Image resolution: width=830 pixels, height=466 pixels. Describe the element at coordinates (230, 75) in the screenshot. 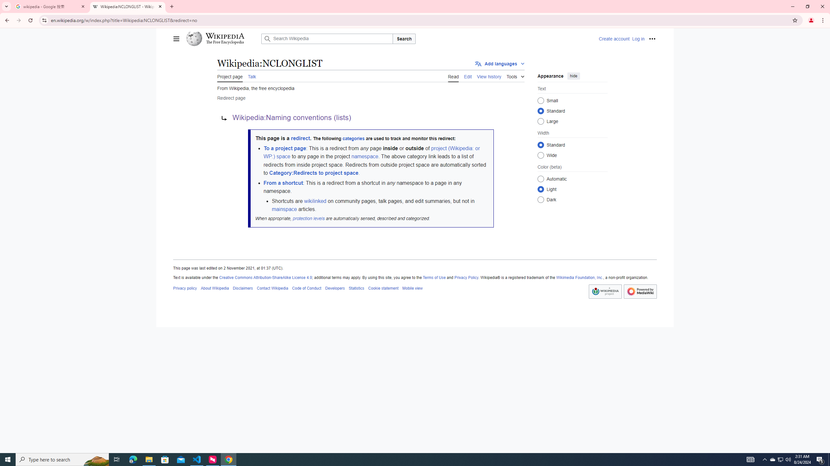

I see `'AutomationID: ca-nstab-project'` at that location.